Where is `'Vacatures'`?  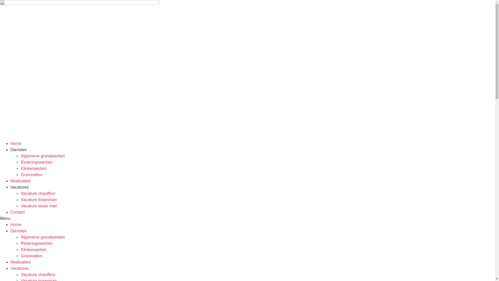 'Vacatures' is located at coordinates (10, 268).